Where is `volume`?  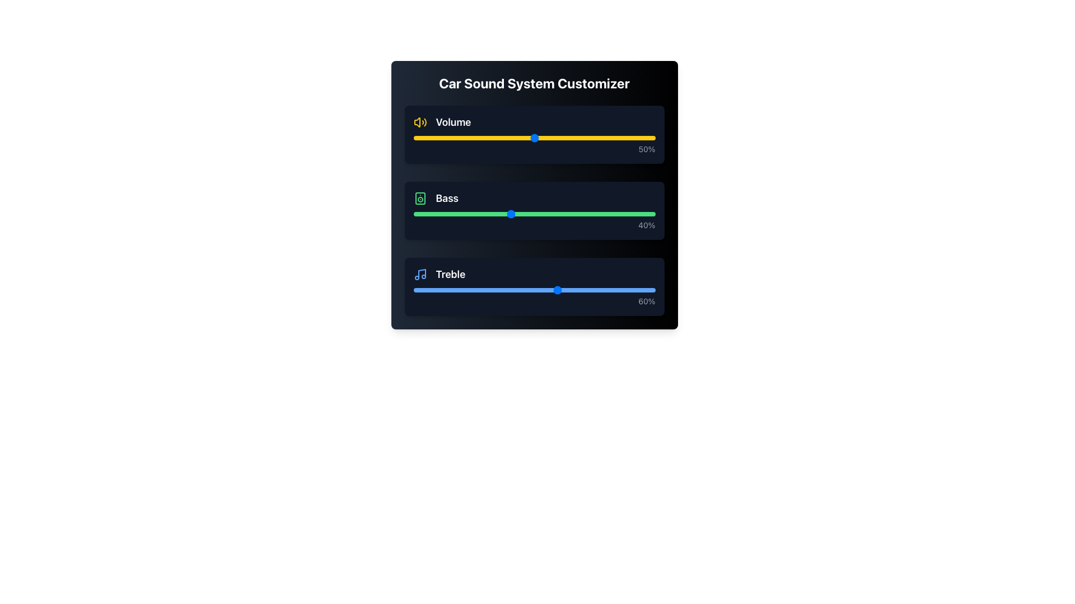
volume is located at coordinates (556, 137).